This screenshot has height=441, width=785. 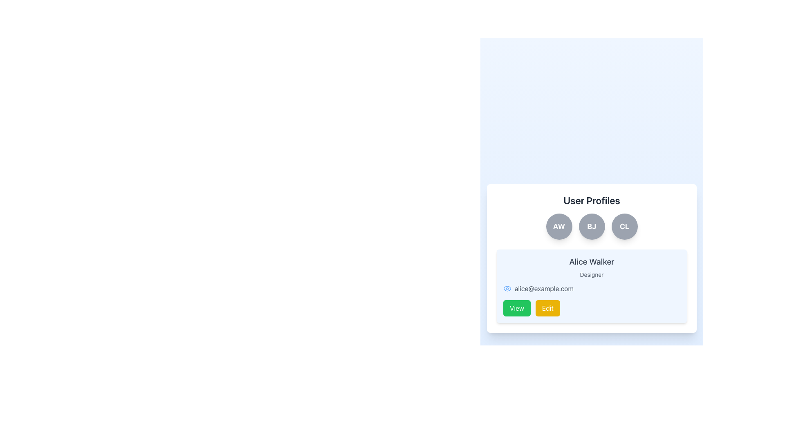 What do you see at coordinates (592, 227) in the screenshot?
I see `the circular button labeled 'BJ' with a gray background and white bold text` at bounding box center [592, 227].